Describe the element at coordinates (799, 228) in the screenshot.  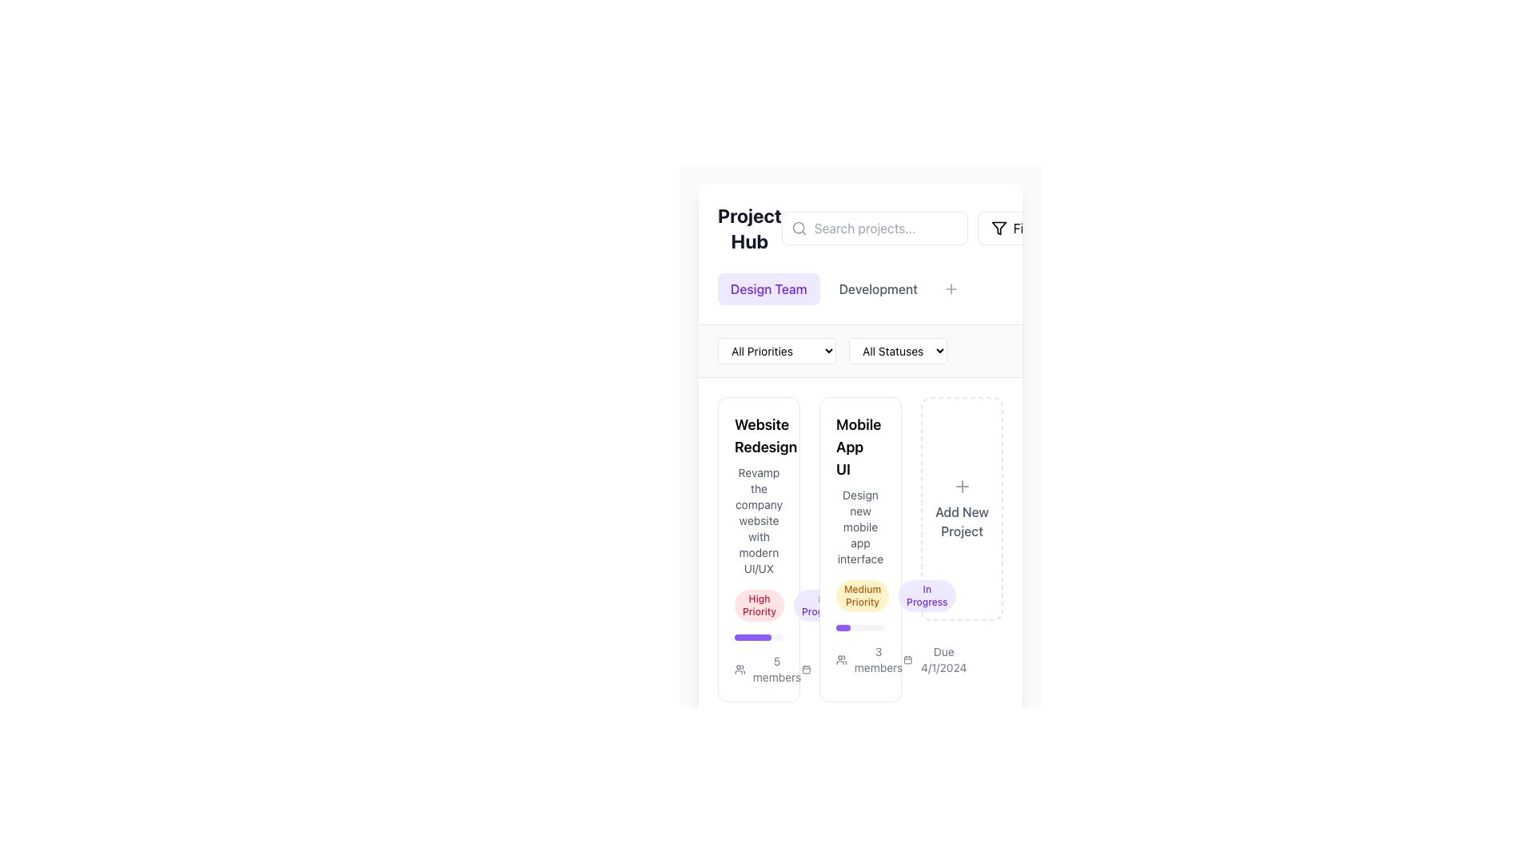
I see `the static representation of the search icon located immediately to the left of the search input field in the header area` at that location.